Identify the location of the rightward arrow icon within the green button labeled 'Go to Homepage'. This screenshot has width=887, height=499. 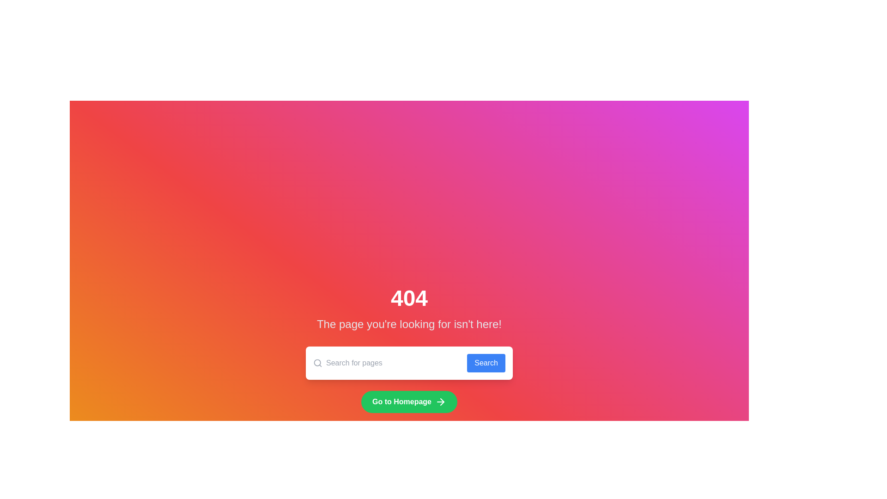
(442, 402).